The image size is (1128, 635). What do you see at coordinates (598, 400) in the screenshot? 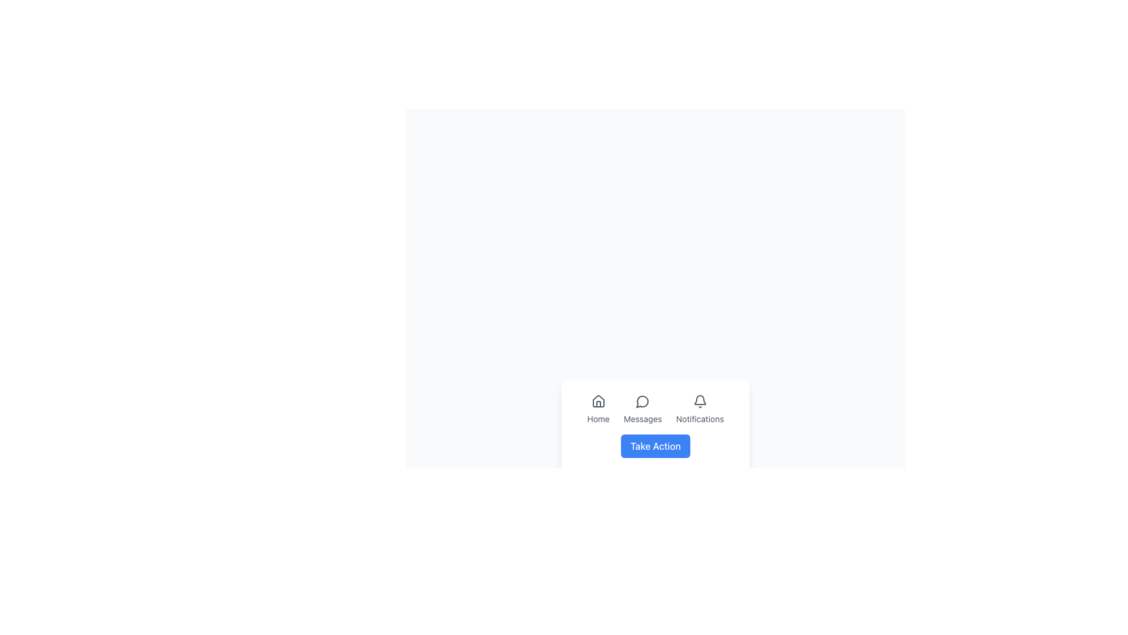
I see `the 'Home' navigation icon, which is the first icon in the bottom center navigation menu` at bounding box center [598, 400].